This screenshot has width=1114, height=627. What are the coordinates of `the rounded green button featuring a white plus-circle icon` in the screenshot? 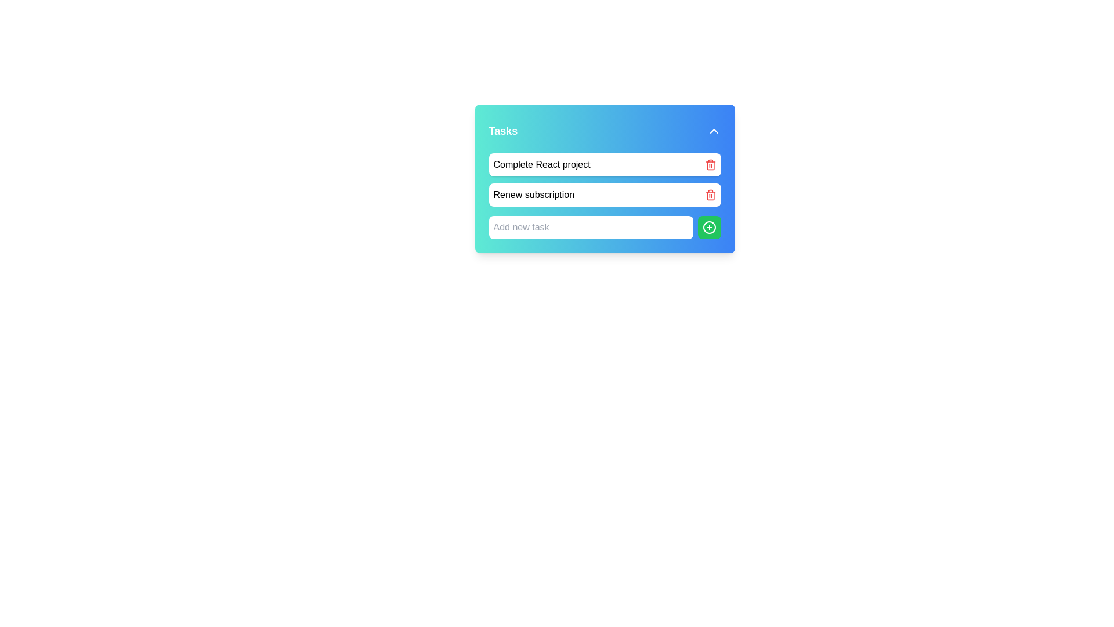 It's located at (708, 228).